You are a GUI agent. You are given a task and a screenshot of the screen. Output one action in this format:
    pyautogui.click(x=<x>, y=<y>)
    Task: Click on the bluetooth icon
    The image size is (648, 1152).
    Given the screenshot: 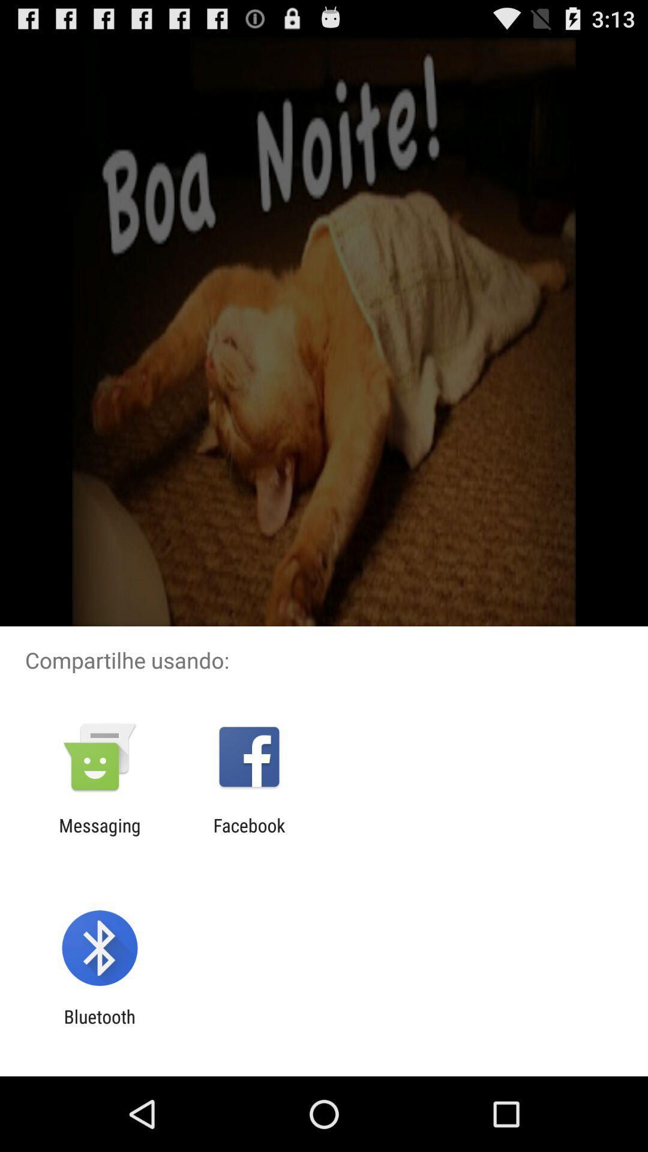 What is the action you would take?
    pyautogui.click(x=99, y=1027)
    